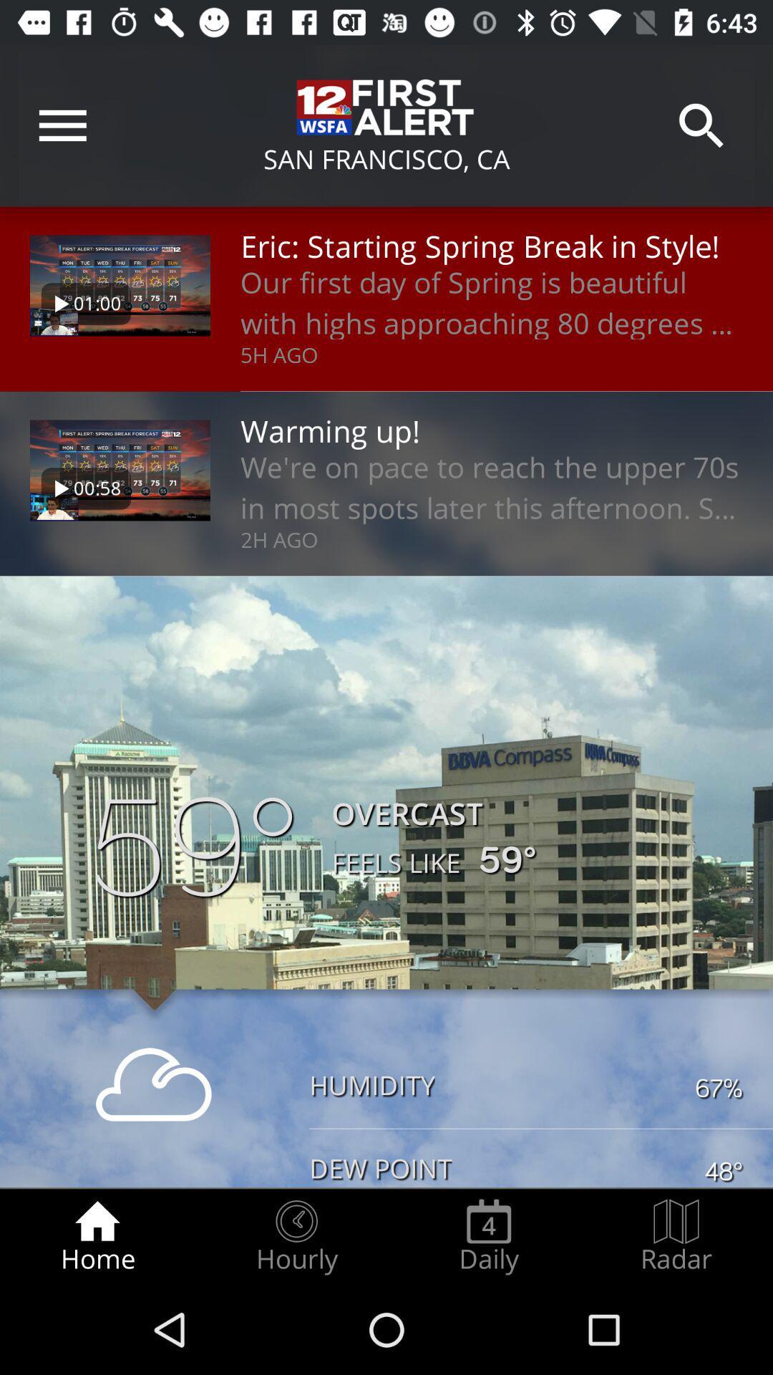 The width and height of the screenshot is (773, 1375). I want to click on the icon next to the daily, so click(296, 1236).